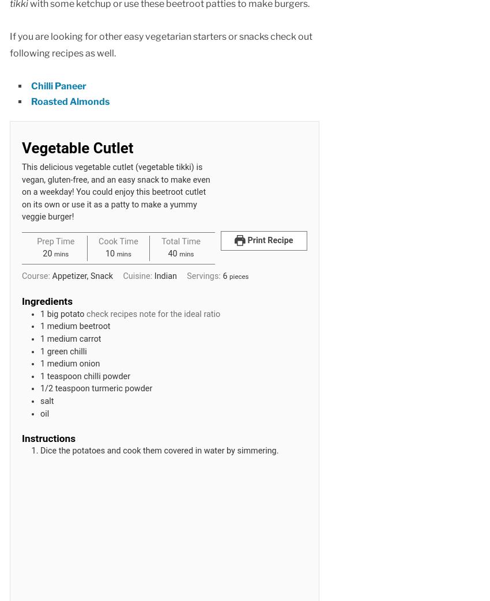  I want to click on 'Total Time', so click(180, 241).